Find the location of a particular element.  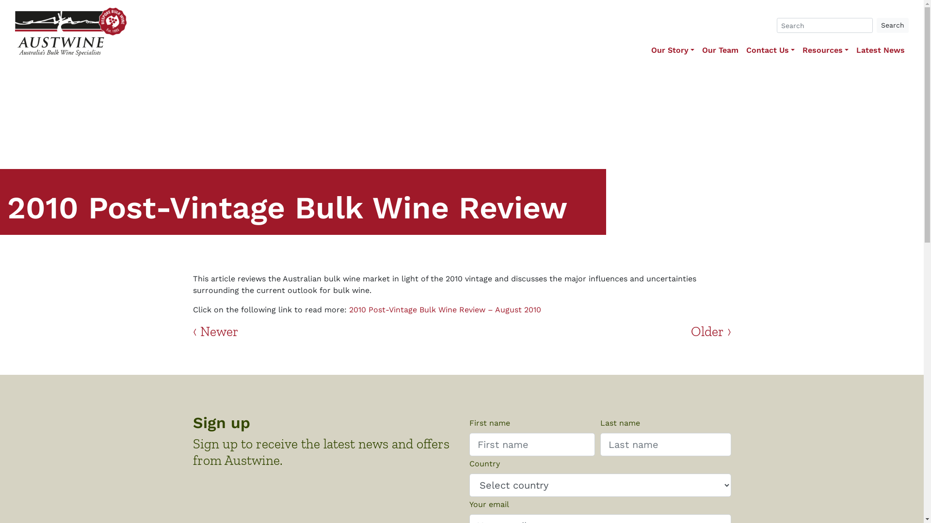

'Search' is located at coordinates (892, 25).